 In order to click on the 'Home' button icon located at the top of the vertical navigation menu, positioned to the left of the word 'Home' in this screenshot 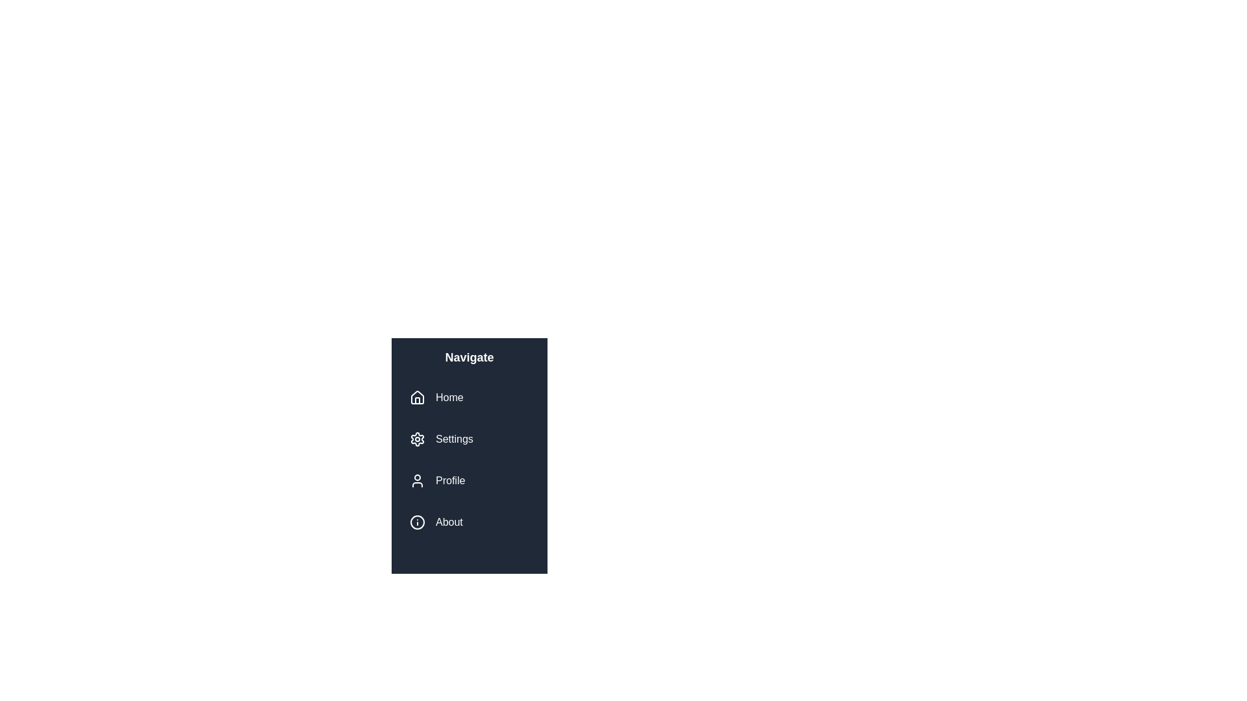, I will do `click(418, 397)`.